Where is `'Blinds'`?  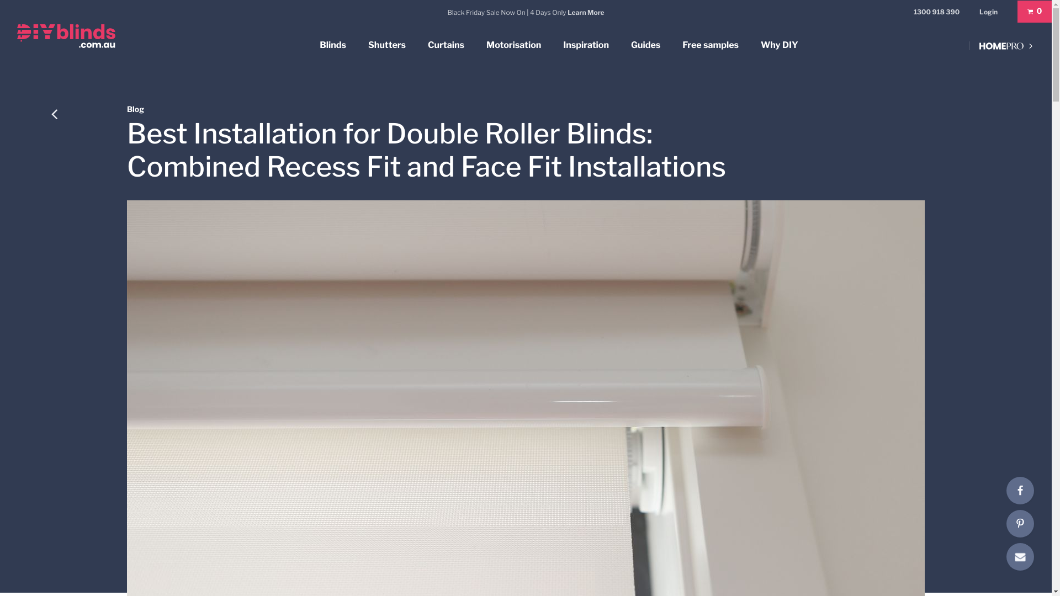
'Blinds' is located at coordinates (319, 45).